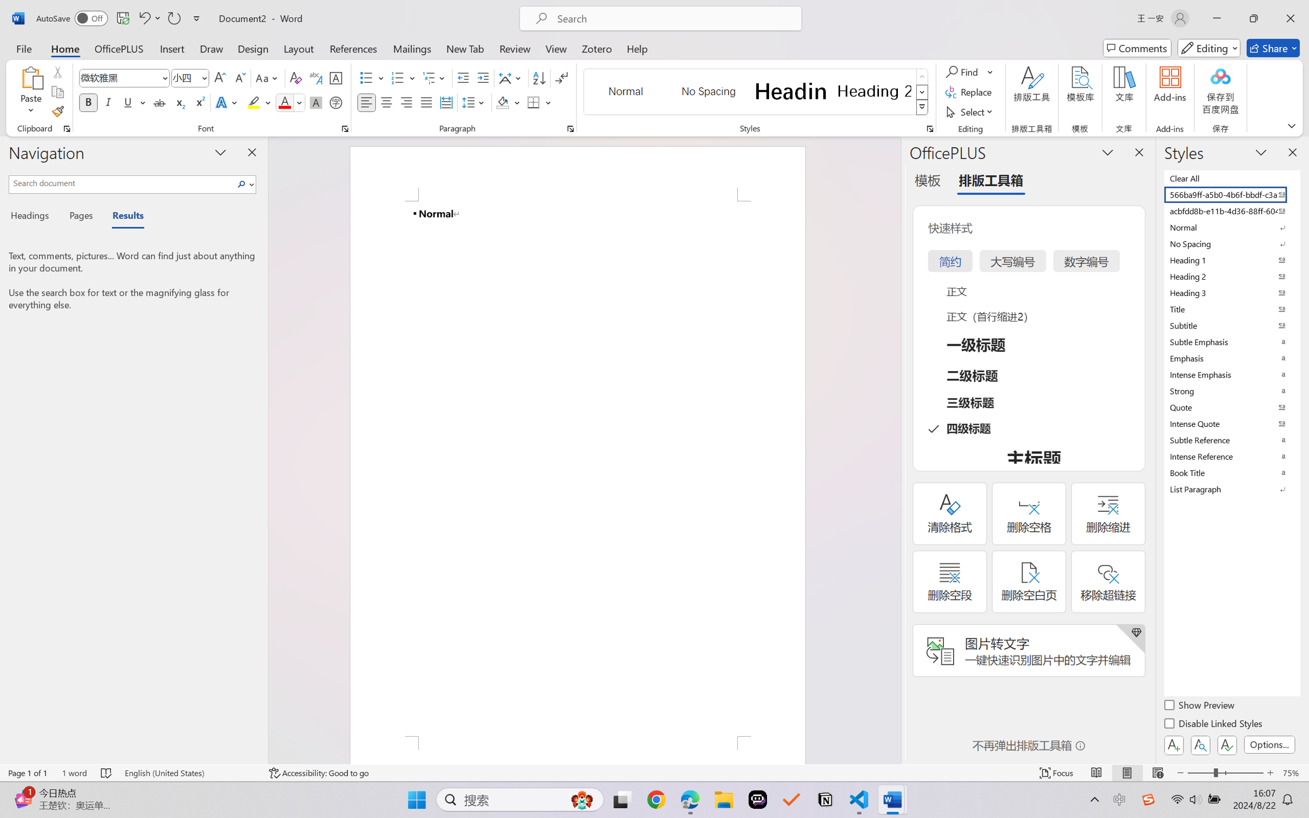 The image size is (1309, 818). I want to click on 'Line and Paragraph Spacing', so click(474, 102).